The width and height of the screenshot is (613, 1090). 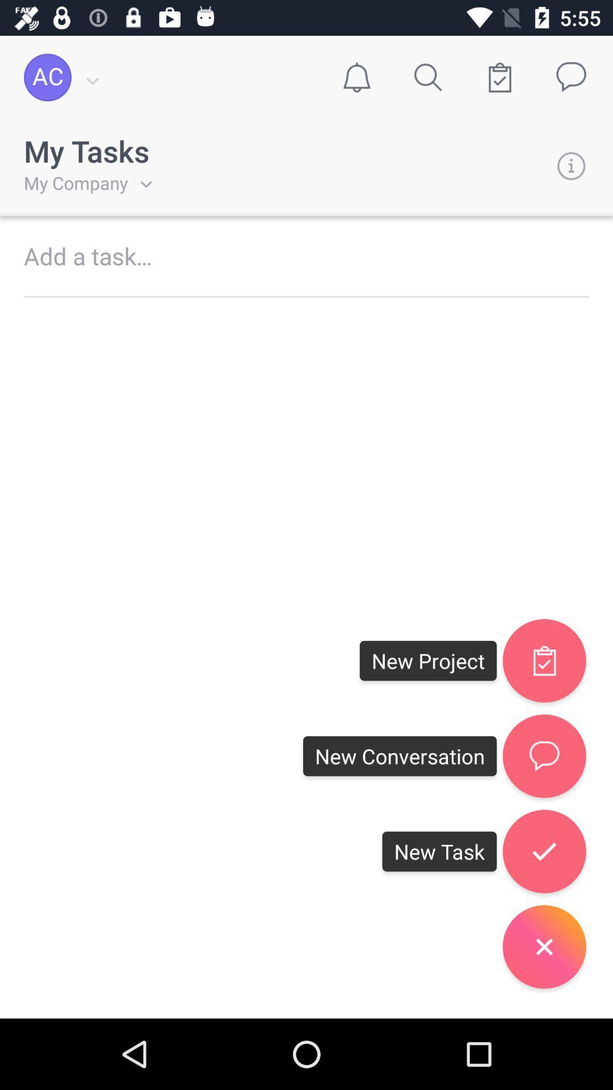 I want to click on the info icon, so click(x=571, y=165).